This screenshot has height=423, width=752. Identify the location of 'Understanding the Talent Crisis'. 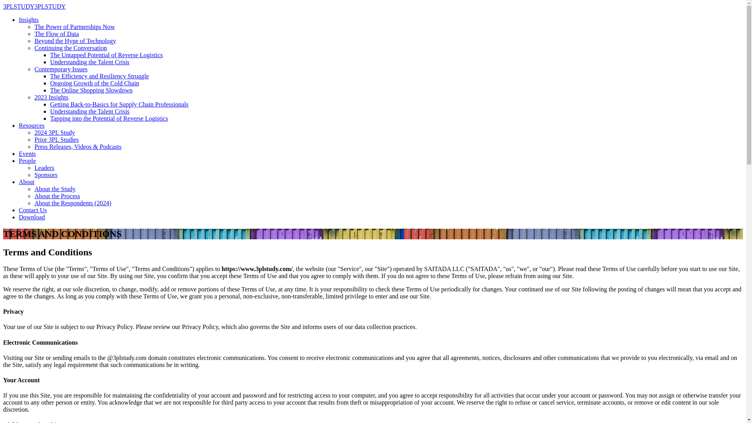
(90, 111).